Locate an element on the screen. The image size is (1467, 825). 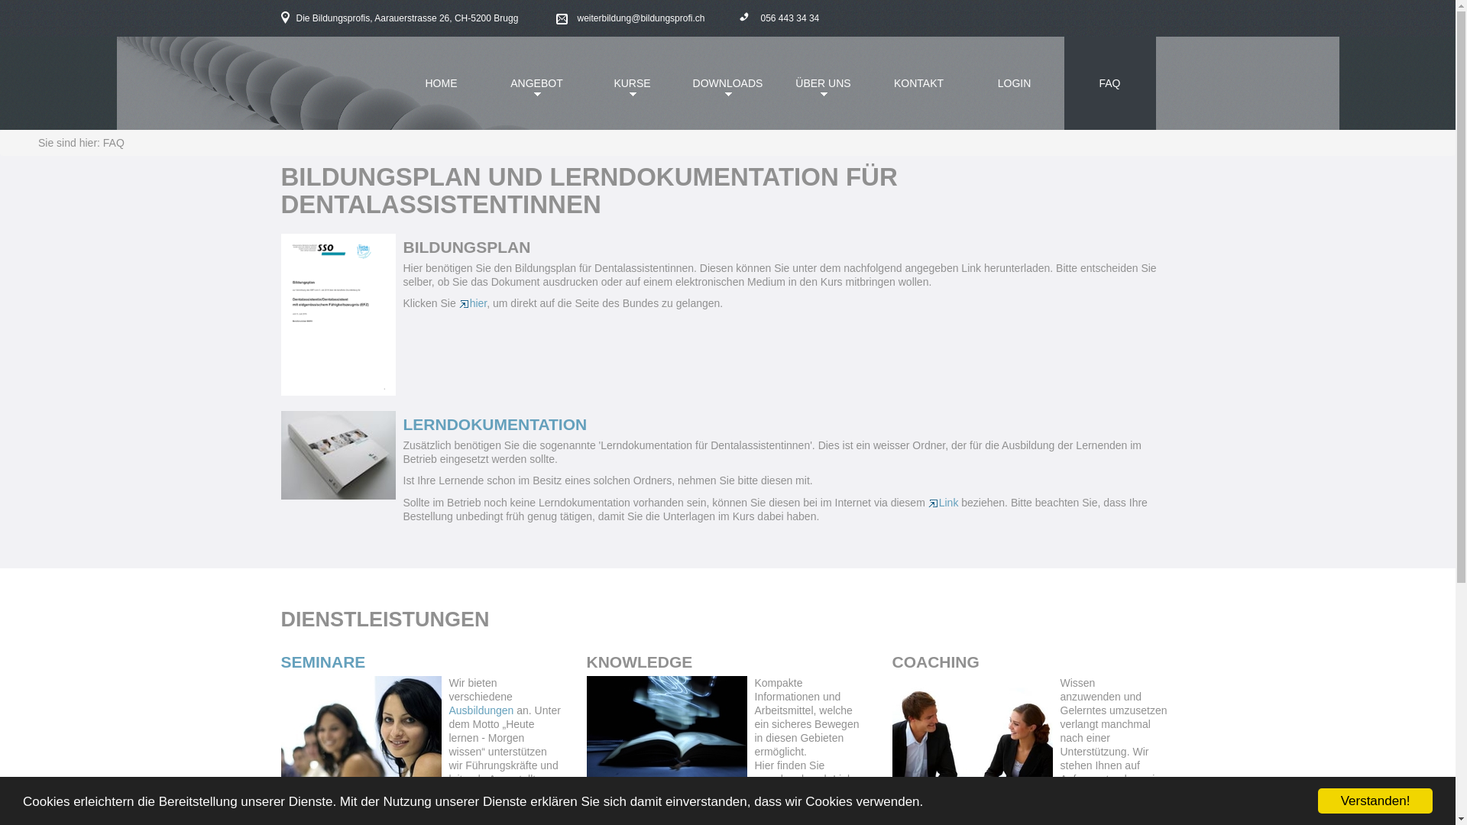
'weiterbildung@bildungsprofi.ch' is located at coordinates (555, 18).